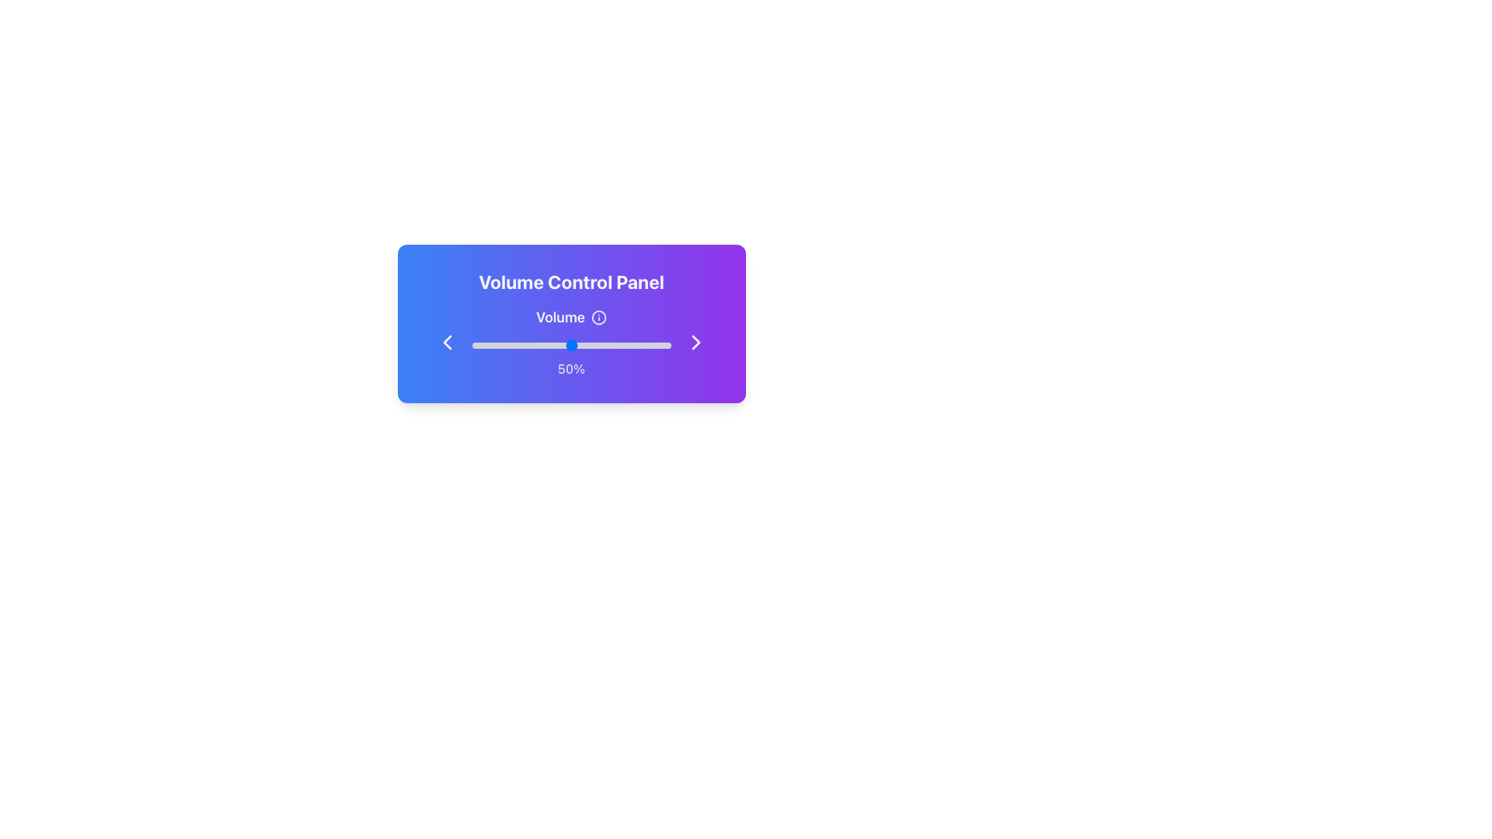 The width and height of the screenshot is (1492, 839). What do you see at coordinates (570, 316) in the screenshot?
I see `the 'Volume' label with an information icon to read the text, which is centrally aligned in the volume control panel` at bounding box center [570, 316].